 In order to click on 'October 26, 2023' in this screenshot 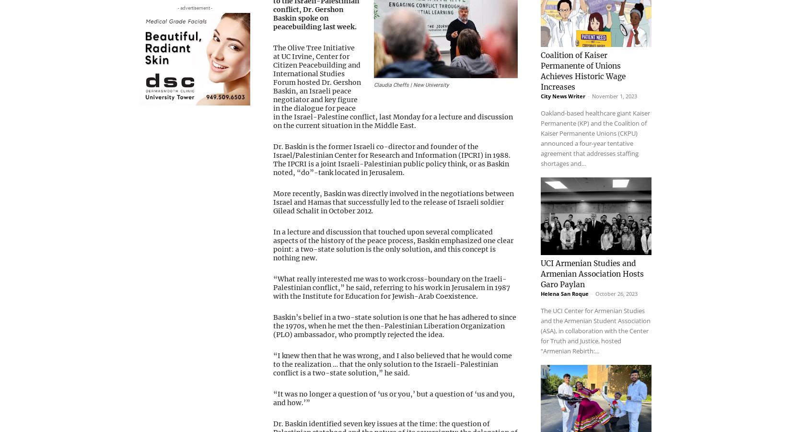, I will do `click(616, 276)`.